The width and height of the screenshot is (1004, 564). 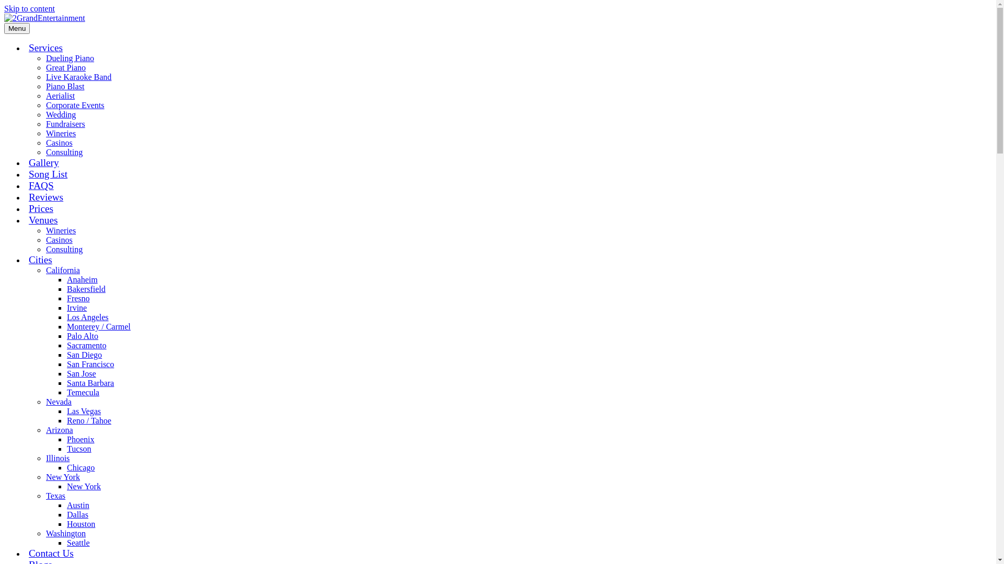 I want to click on 'Temecula', so click(x=82, y=392).